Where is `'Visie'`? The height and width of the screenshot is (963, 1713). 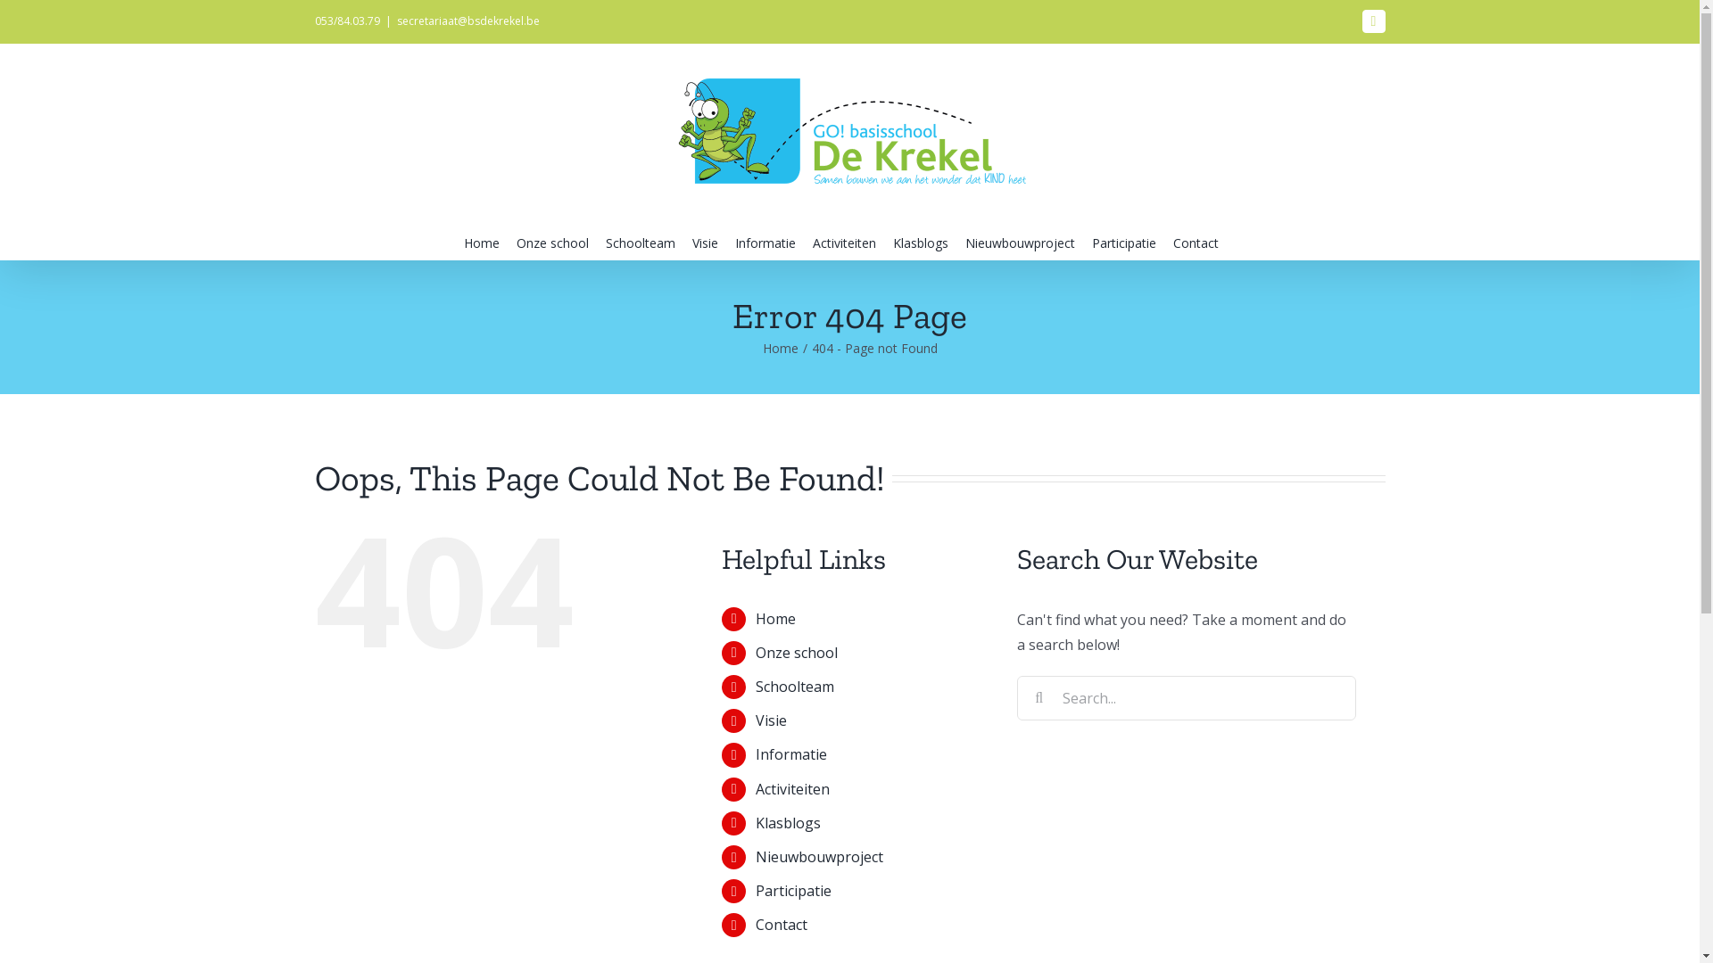 'Visie' is located at coordinates (771, 719).